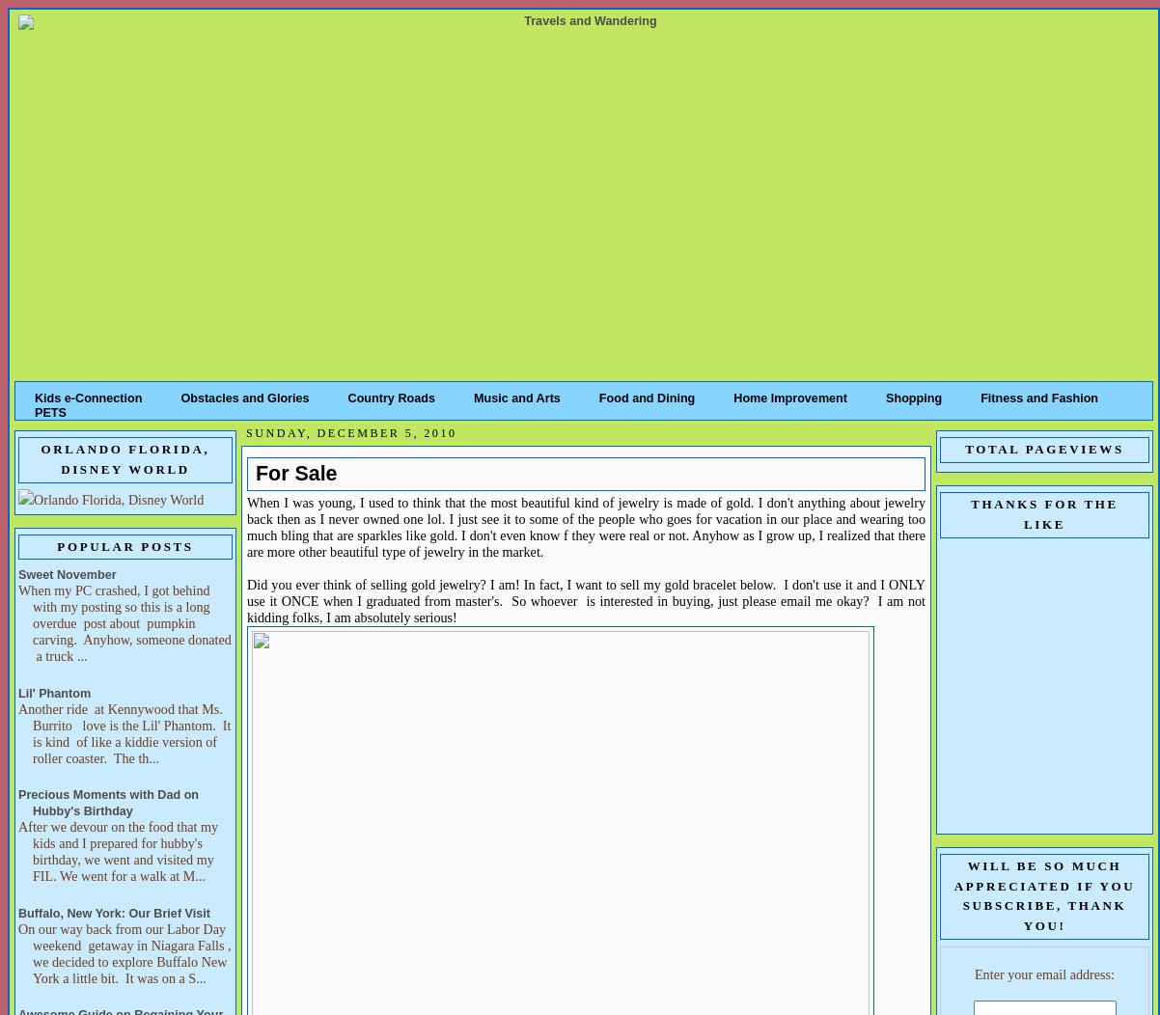  What do you see at coordinates (17, 573) in the screenshot?
I see `'Sweet November'` at bounding box center [17, 573].